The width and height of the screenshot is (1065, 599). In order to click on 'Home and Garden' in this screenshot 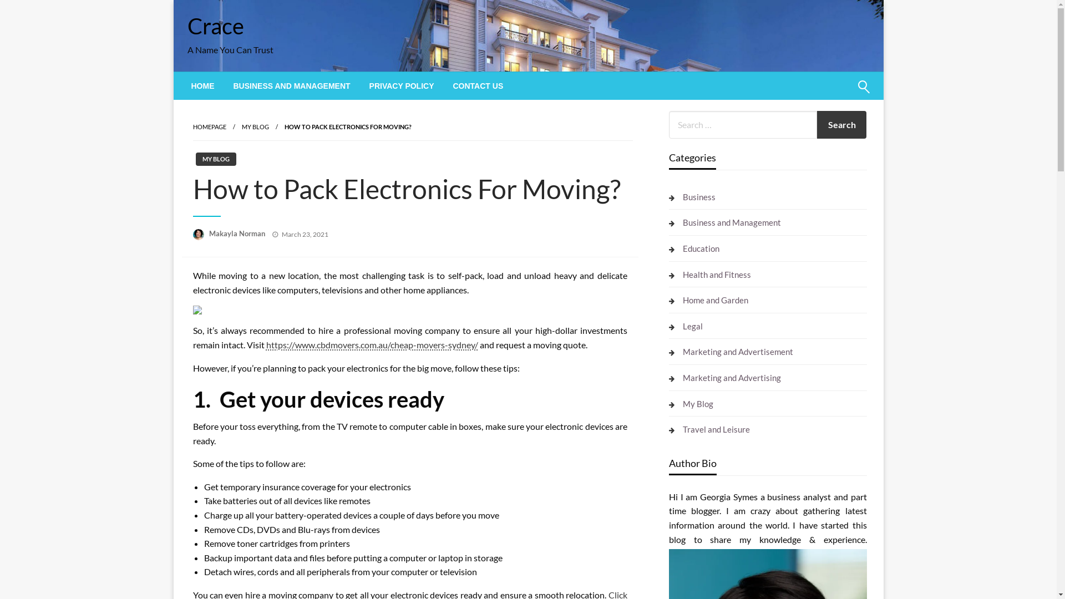, I will do `click(708, 299)`.